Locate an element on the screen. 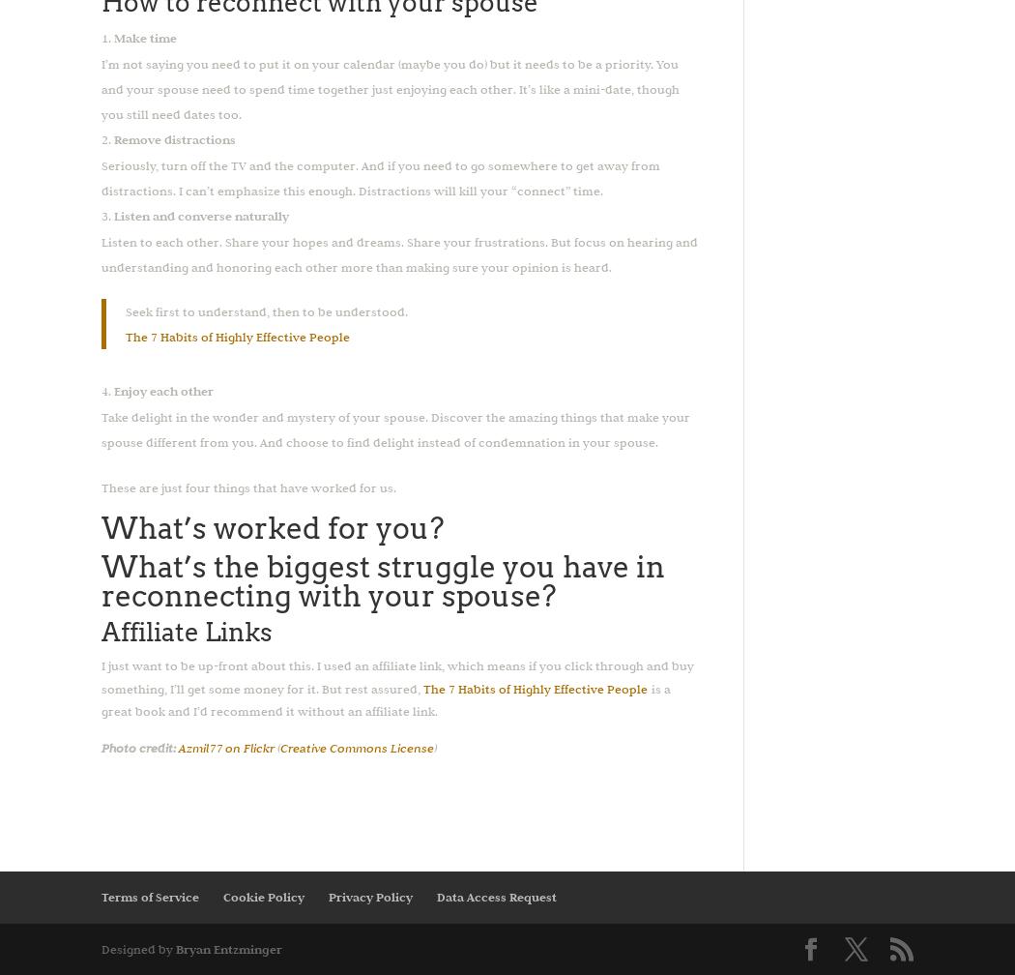  'Take delight in the wonder and mystery of your spouse. Discover the amazing things that make your spouse different from you. And choose to find delight instead of condemnation in your spouse.' is located at coordinates (395, 428).